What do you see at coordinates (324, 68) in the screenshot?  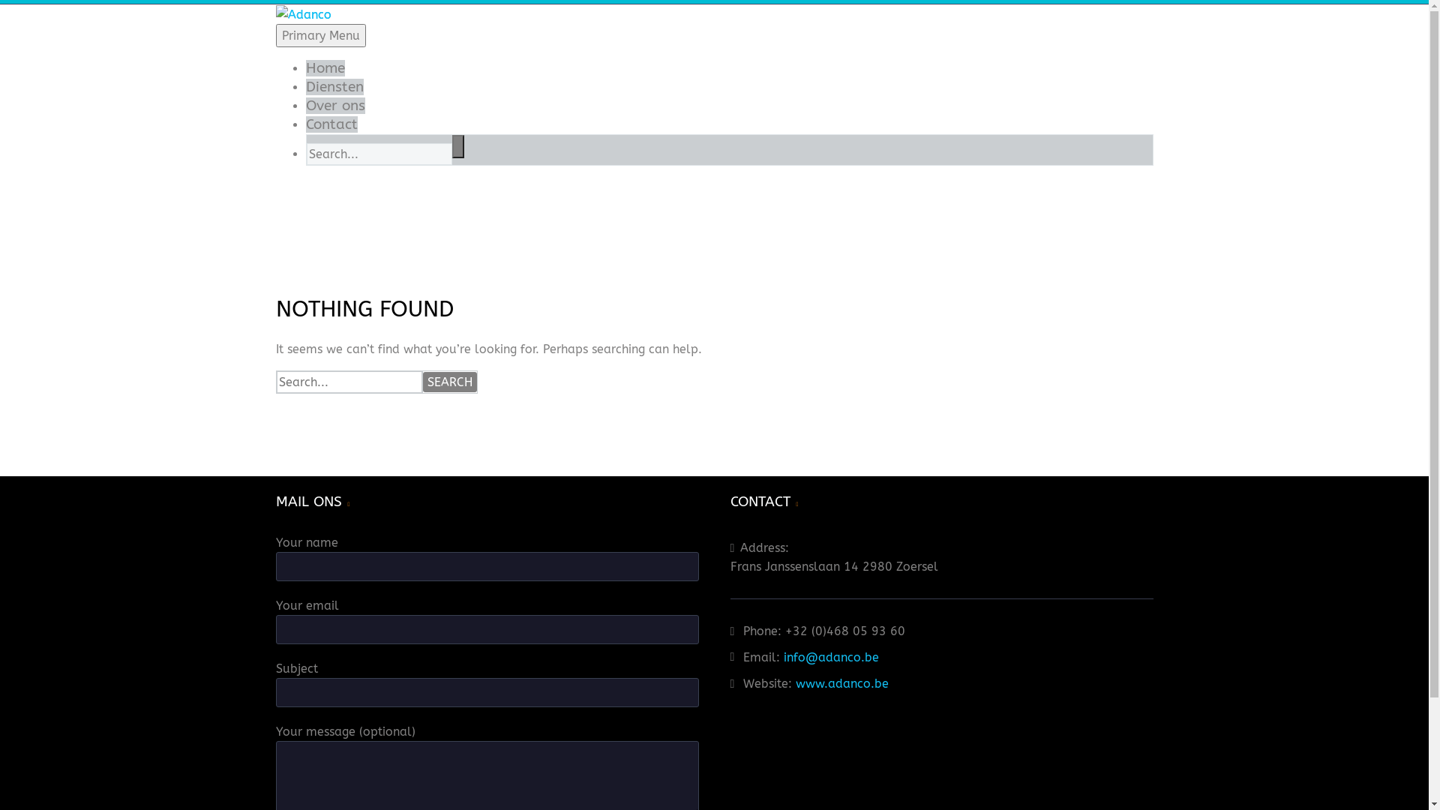 I see `'Home'` at bounding box center [324, 68].